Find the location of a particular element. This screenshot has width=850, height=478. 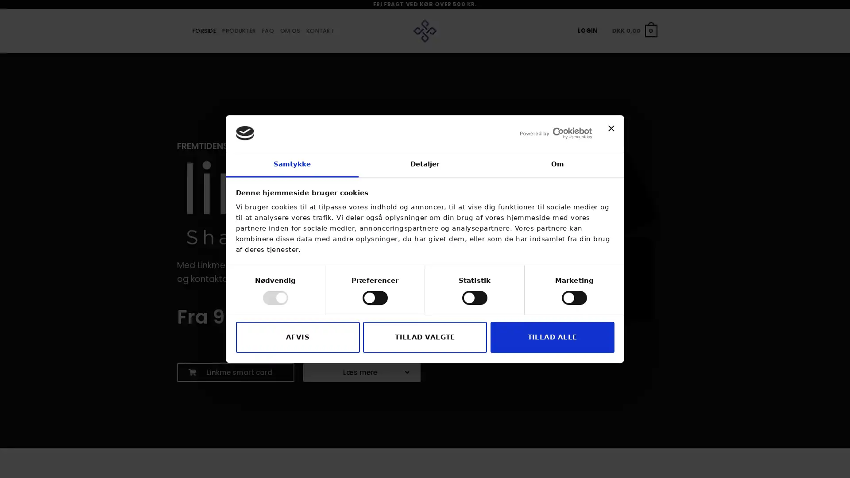

AFVIS is located at coordinates (297, 337).